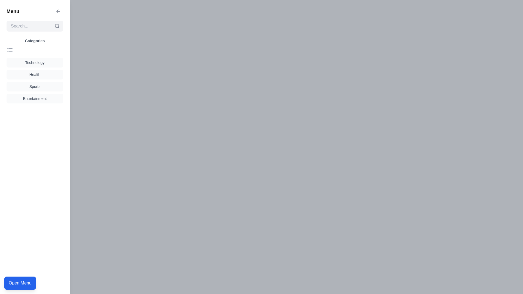 Image resolution: width=523 pixels, height=294 pixels. I want to click on the search icon located at the upper-right corner of the input field with placeholder text 'Search...', so click(57, 26).